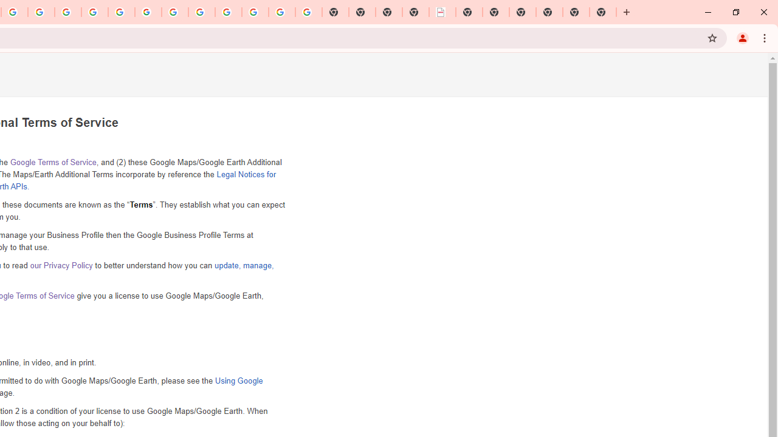 The image size is (778, 437). I want to click on 'New Tab', so click(548, 12).